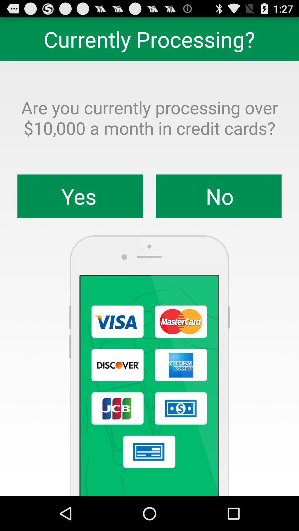 The height and width of the screenshot is (531, 299). Describe the element at coordinates (218, 196) in the screenshot. I see `the app below are you currently app` at that location.